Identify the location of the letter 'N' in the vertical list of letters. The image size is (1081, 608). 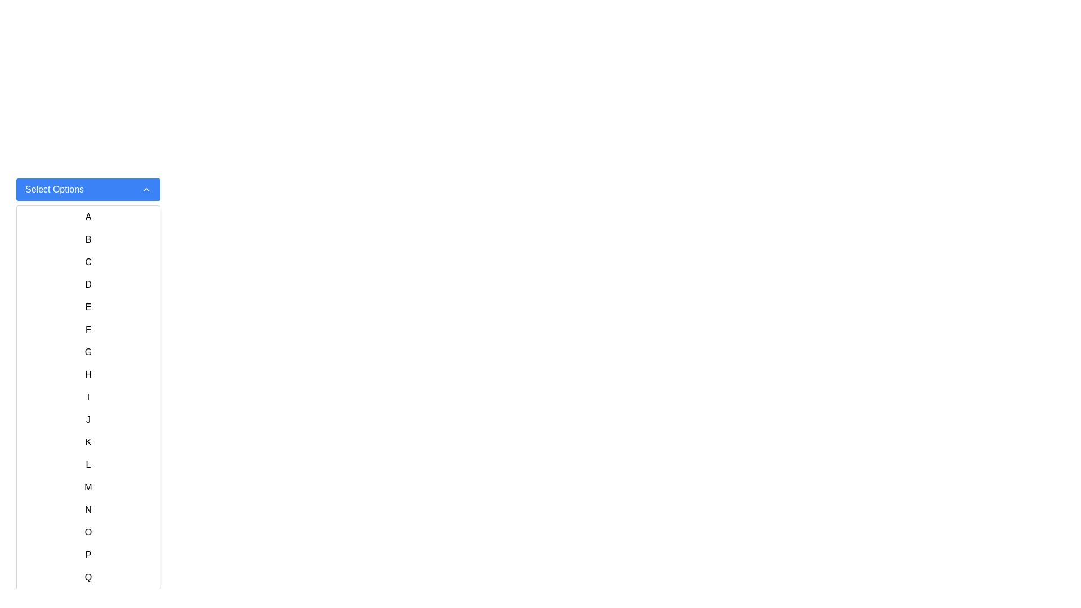
(88, 510).